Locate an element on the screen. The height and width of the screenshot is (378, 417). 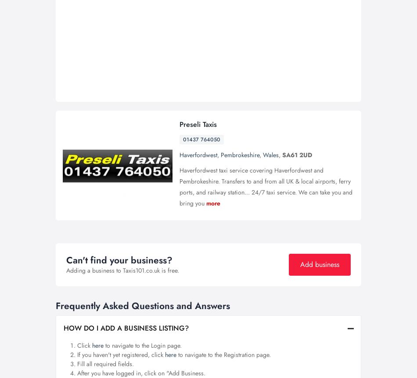
'Get a quote' is located at coordinates (176, 26).